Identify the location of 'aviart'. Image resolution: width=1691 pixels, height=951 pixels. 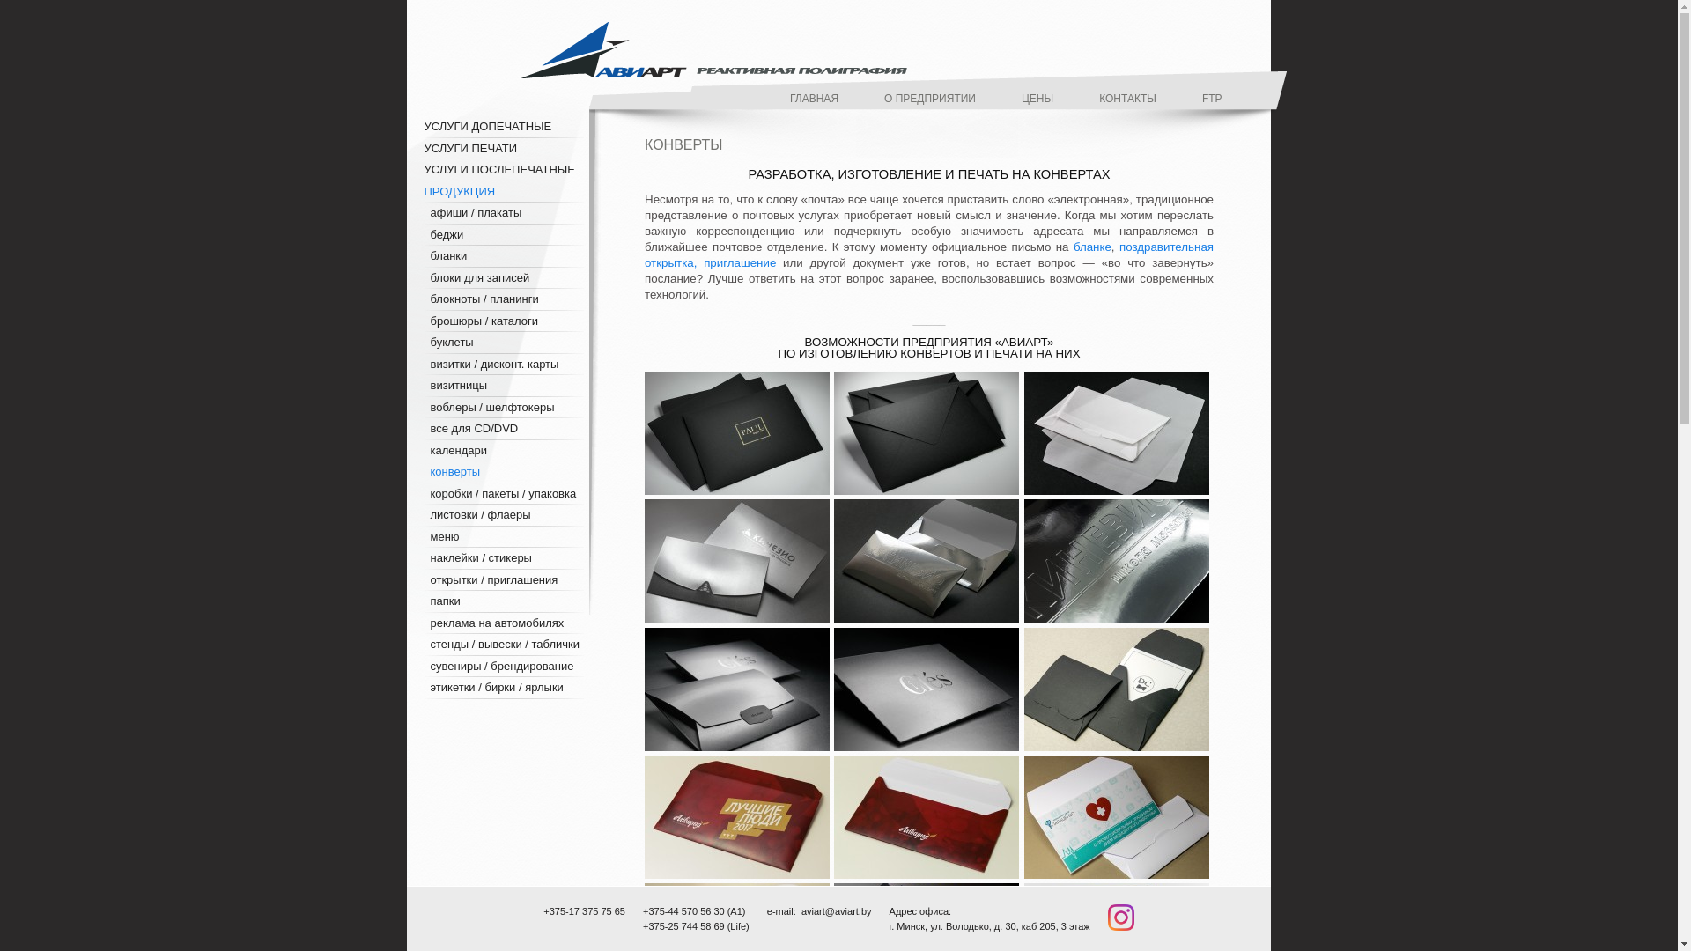
(714, 49).